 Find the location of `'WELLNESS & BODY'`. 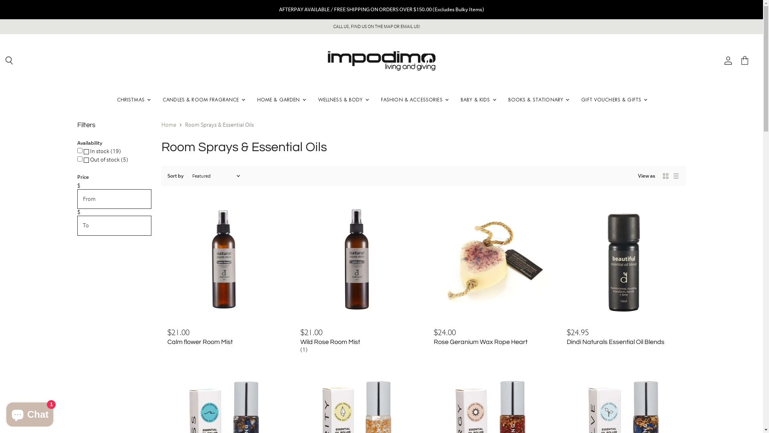

'WELLNESS & BODY' is located at coordinates (342, 99).